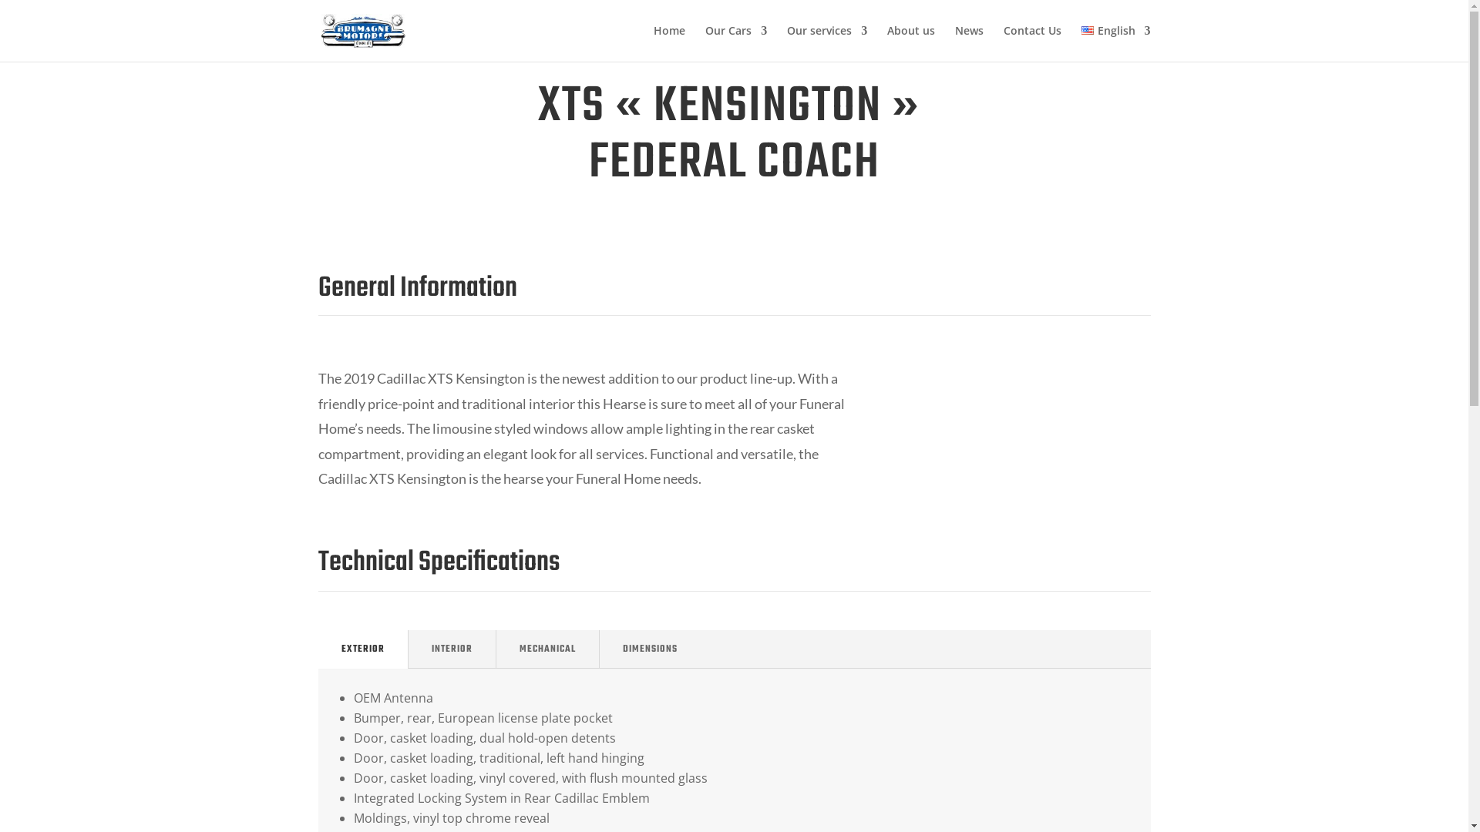  Describe the element at coordinates (654, 42) in the screenshot. I see `'Home'` at that location.